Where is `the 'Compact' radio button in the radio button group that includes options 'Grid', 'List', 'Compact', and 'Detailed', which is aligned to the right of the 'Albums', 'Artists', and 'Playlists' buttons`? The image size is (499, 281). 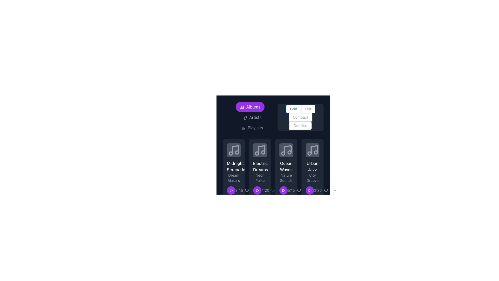
the 'Compact' radio button in the radio button group that includes options 'Grid', 'List', 'Compact', and 'Detailed', which is aligned to the right of the 'Albums', 'Artists', and 'Playlists' buttons is located at coordinates (300, 117).